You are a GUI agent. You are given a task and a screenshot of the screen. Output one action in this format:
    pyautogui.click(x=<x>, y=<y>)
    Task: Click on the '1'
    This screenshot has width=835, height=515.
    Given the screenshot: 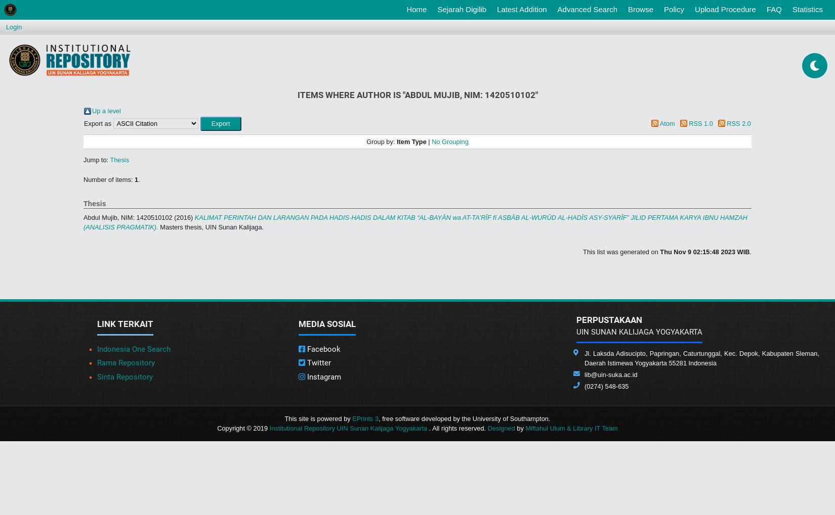 What is the action you would take?
    pyautogui.click(x=136, y=179)
    